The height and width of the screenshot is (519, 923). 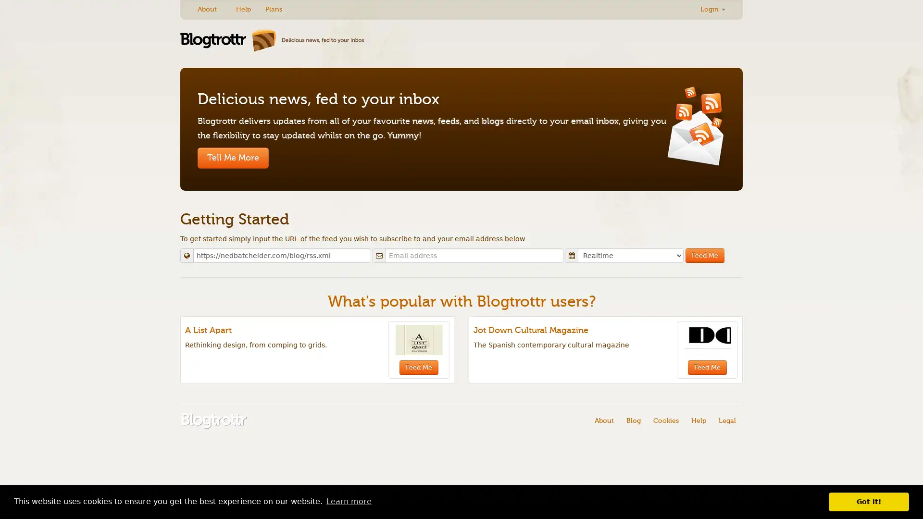 What do you see at coordinates (705, 255) in the screenshot?
I see `Feed Me` at bounding box center [705, 255].